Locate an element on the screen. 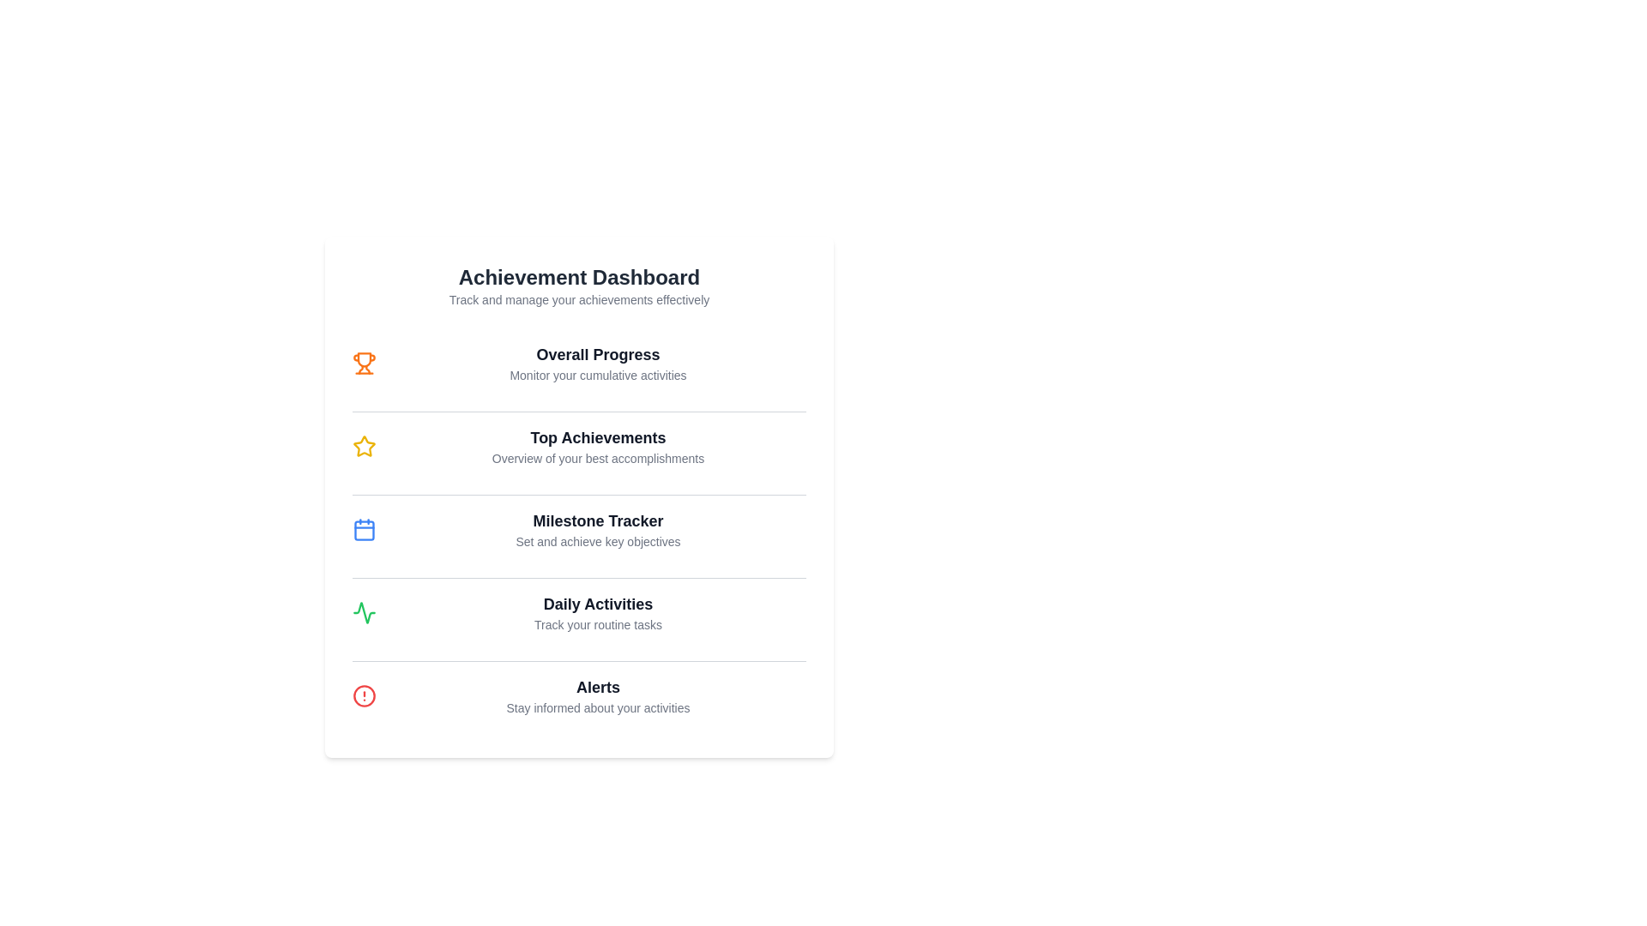  the third entry in the vertically stacked list of achievements within the white section of the dashboard is located at coordinates (579, 528).